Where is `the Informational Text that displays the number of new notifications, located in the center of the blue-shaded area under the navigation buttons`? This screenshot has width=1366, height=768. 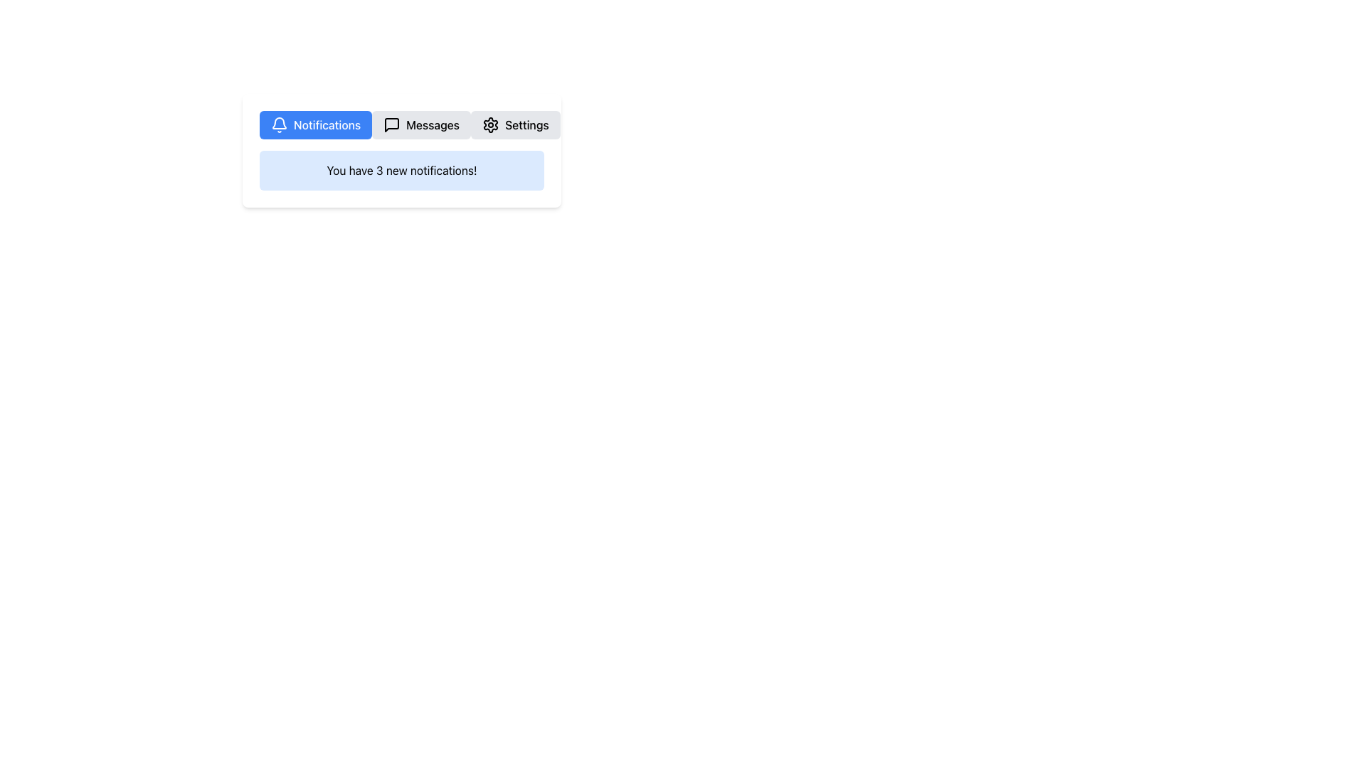
the Informational Text that displays the number of new notifications, located in the center of the blue-shaded area under the navigation buttons is located at coordinates (401, 169).